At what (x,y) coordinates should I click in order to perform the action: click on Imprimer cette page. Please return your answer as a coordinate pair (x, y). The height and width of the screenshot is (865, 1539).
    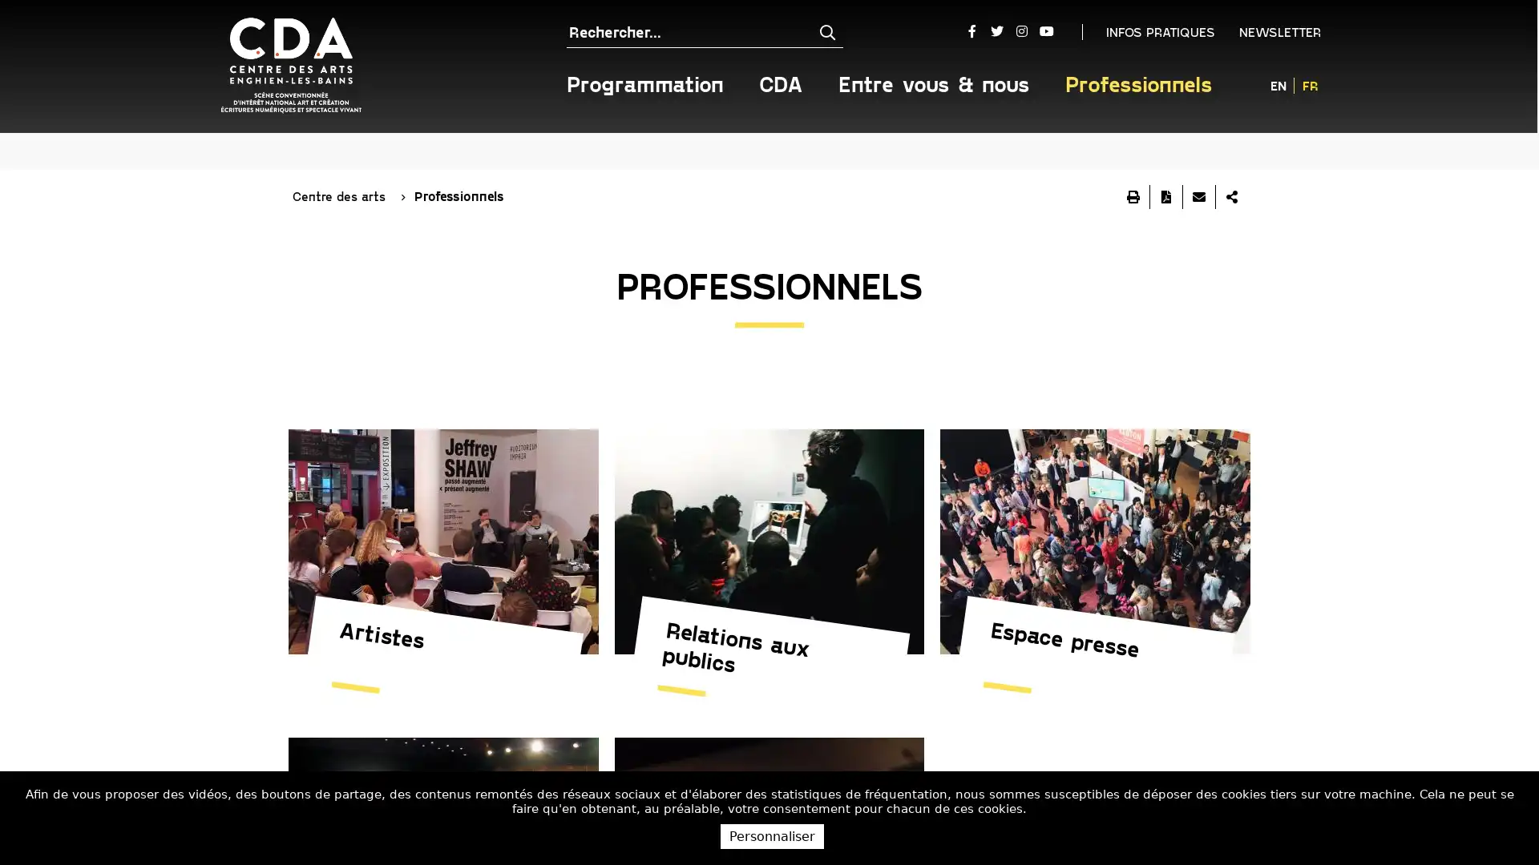
    Looking at the image, I should click on (1133, 157).